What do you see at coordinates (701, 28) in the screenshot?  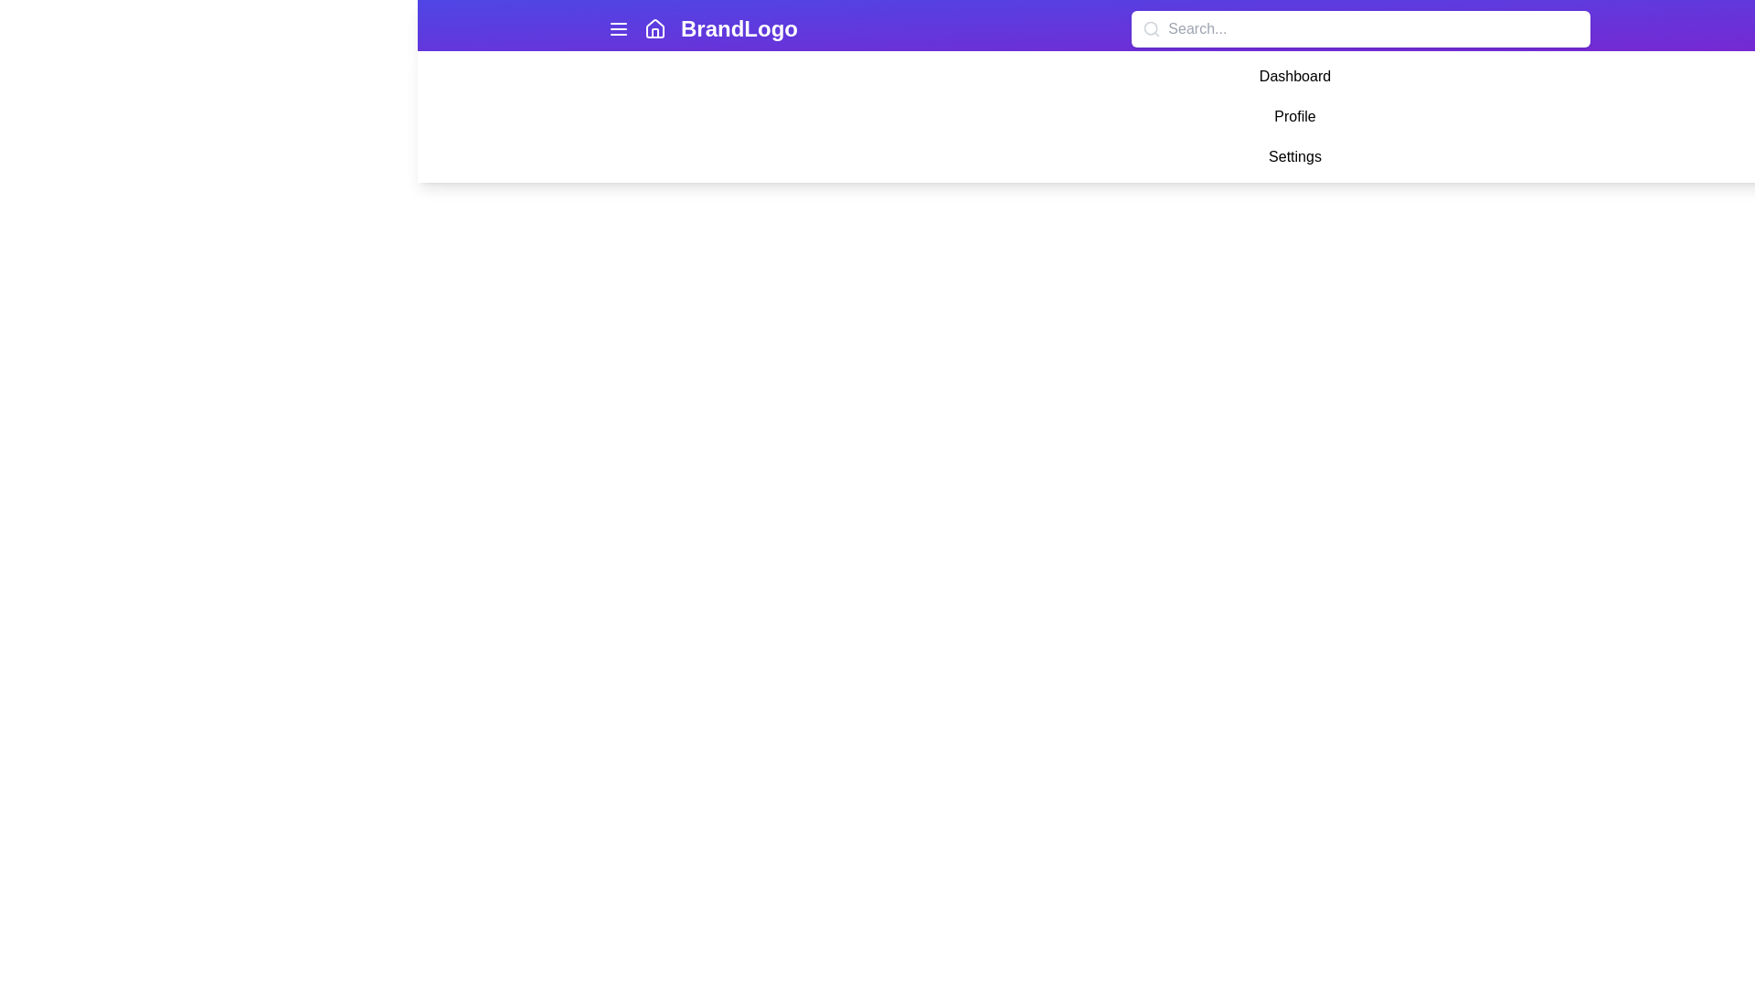 I see `the Brand Logo text label 'BrandLogo'` at bounding box center [701, 28].